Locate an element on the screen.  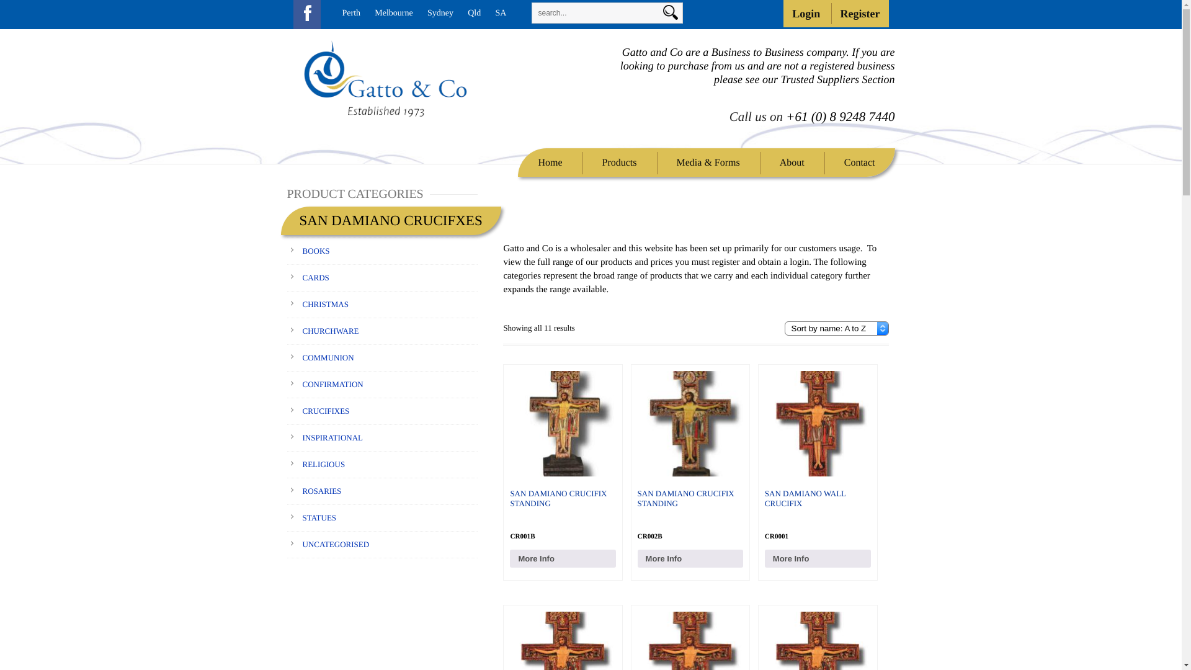
'Qld' is located at coordinates (473, 13).